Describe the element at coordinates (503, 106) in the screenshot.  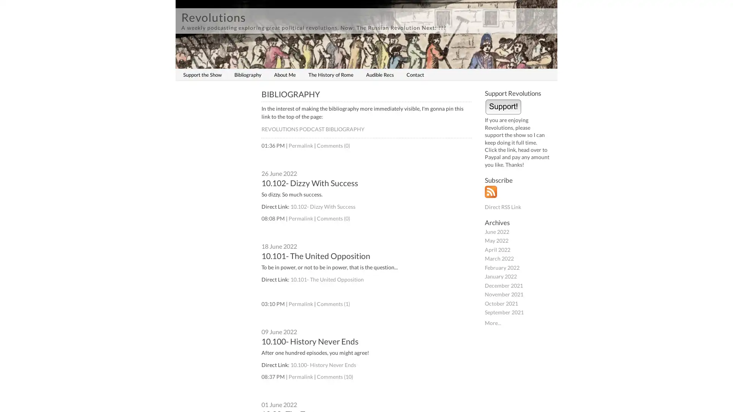
I see `PayPal - The safer, easier way to pay online!` at that location.